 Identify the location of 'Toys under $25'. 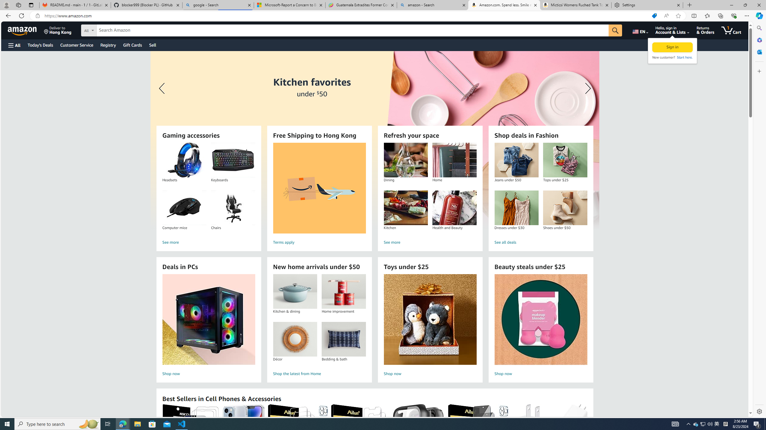
(430, 319).